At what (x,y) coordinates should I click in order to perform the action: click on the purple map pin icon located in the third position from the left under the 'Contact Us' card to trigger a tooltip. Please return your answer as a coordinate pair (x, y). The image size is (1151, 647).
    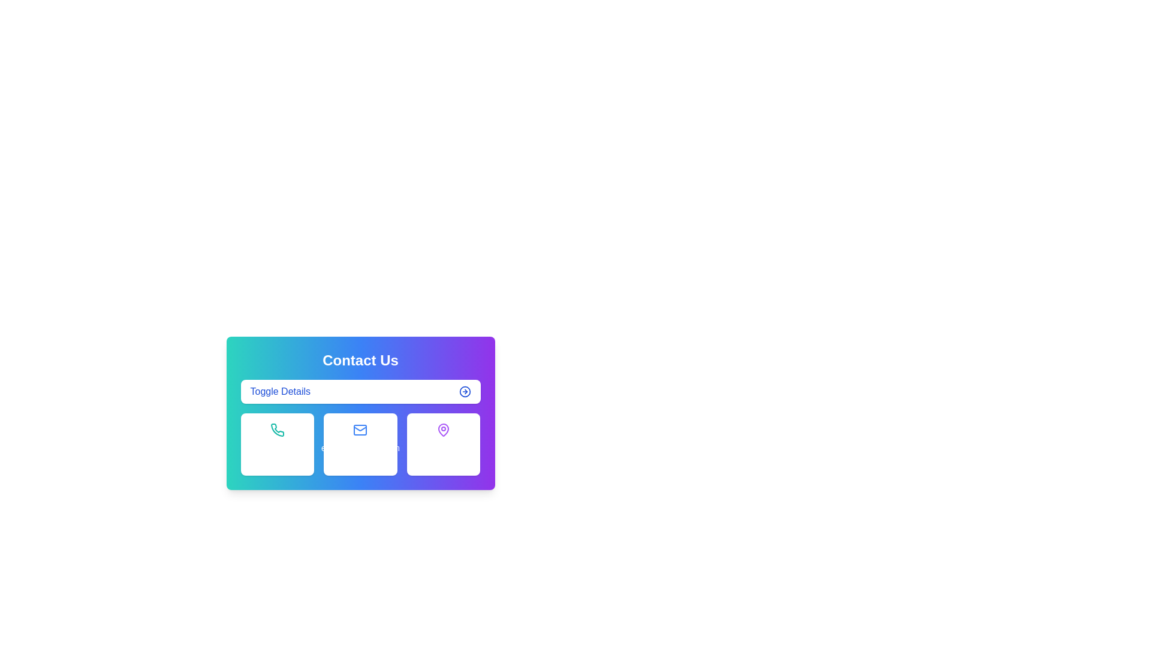
    Looking at the image, I should click on (443, 429).